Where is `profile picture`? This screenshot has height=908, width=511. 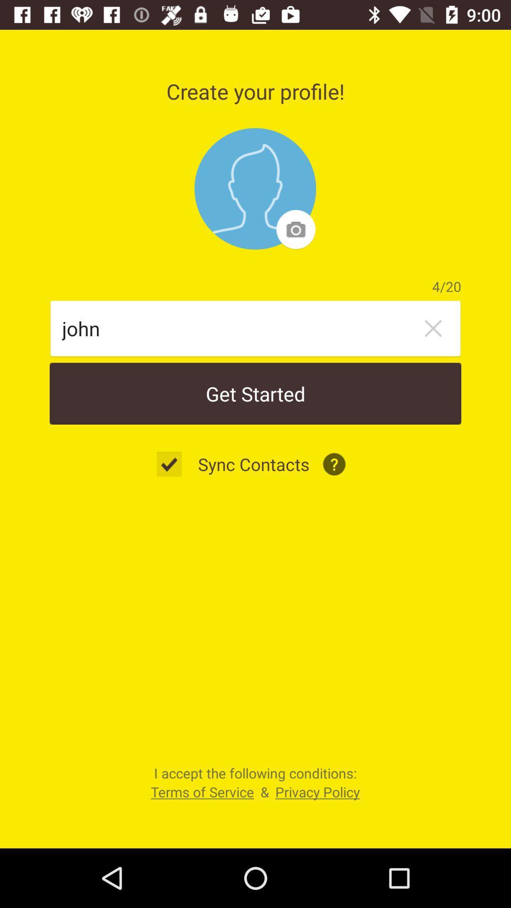 profile picture is located at coordinates (255, 189).